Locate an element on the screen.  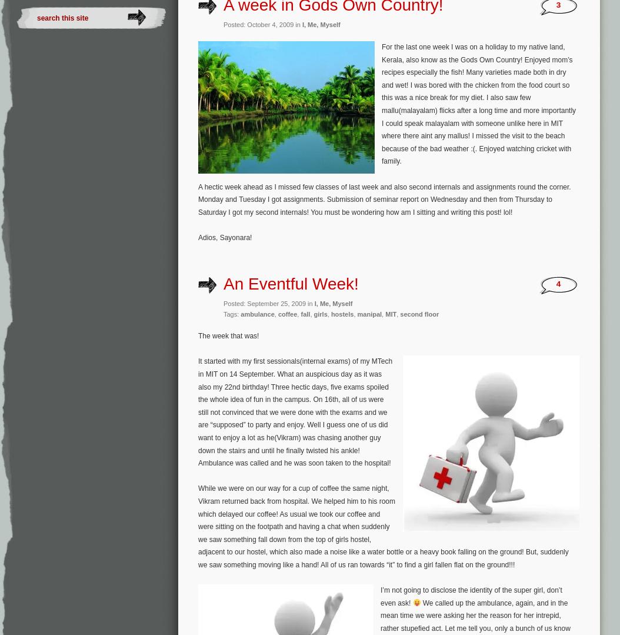
'hostels' is located at coordinates (330, 314).